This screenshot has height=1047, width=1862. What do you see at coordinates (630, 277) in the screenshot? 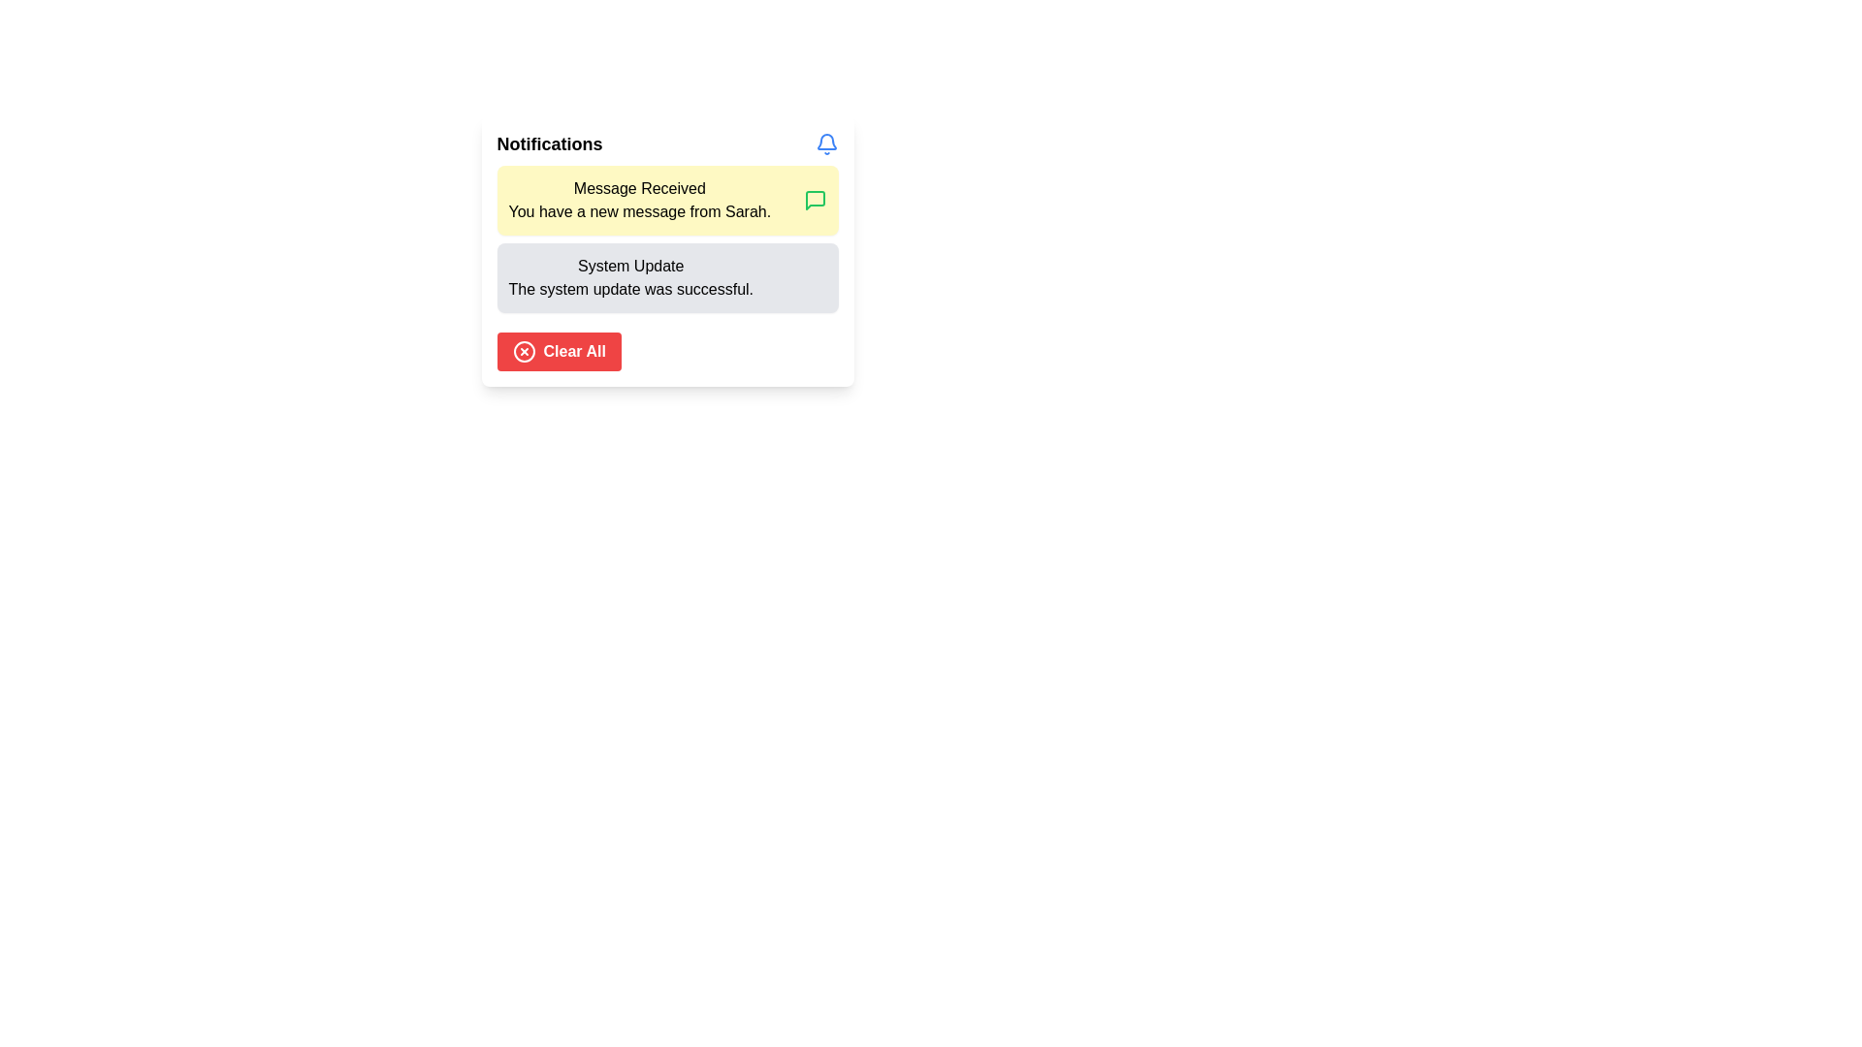
I see `the 'System Update' text display located in the Notifications section, which shows 'System Update' in bold and 'The system update was successful.' in normal font, both centered in a light gray background` at bounding box center [630, 277].